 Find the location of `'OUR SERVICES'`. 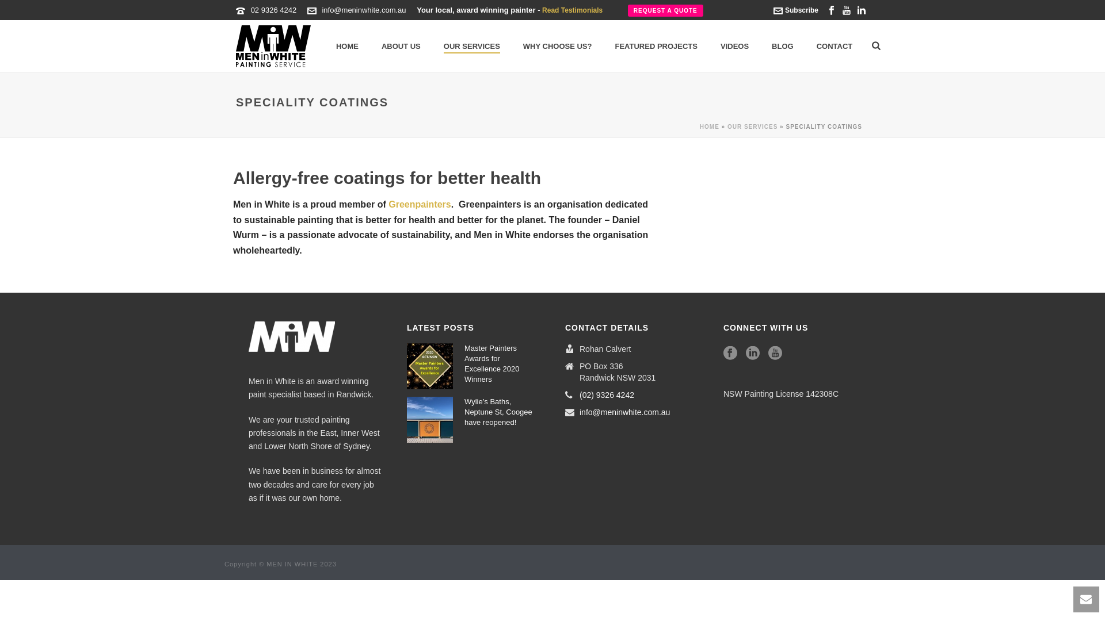

'OUR SERVICES' is located at coordinates (726, 126).